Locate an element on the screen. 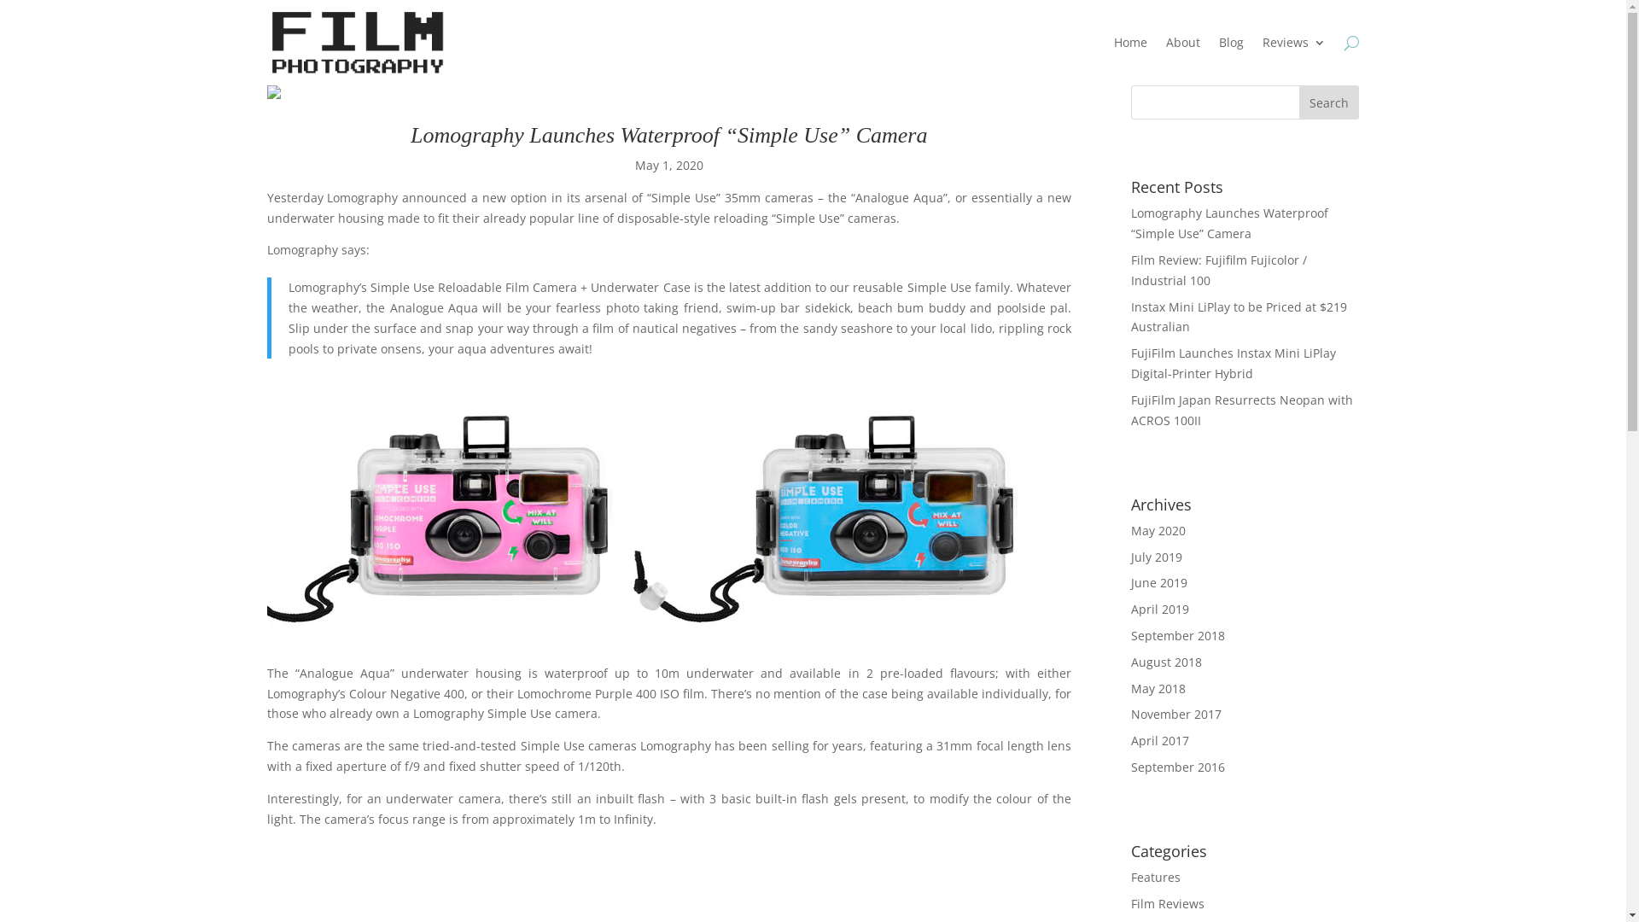 The height and width of the screenshot is (922, 1639). 'September 2018' is located at coordinates (1177, 635).